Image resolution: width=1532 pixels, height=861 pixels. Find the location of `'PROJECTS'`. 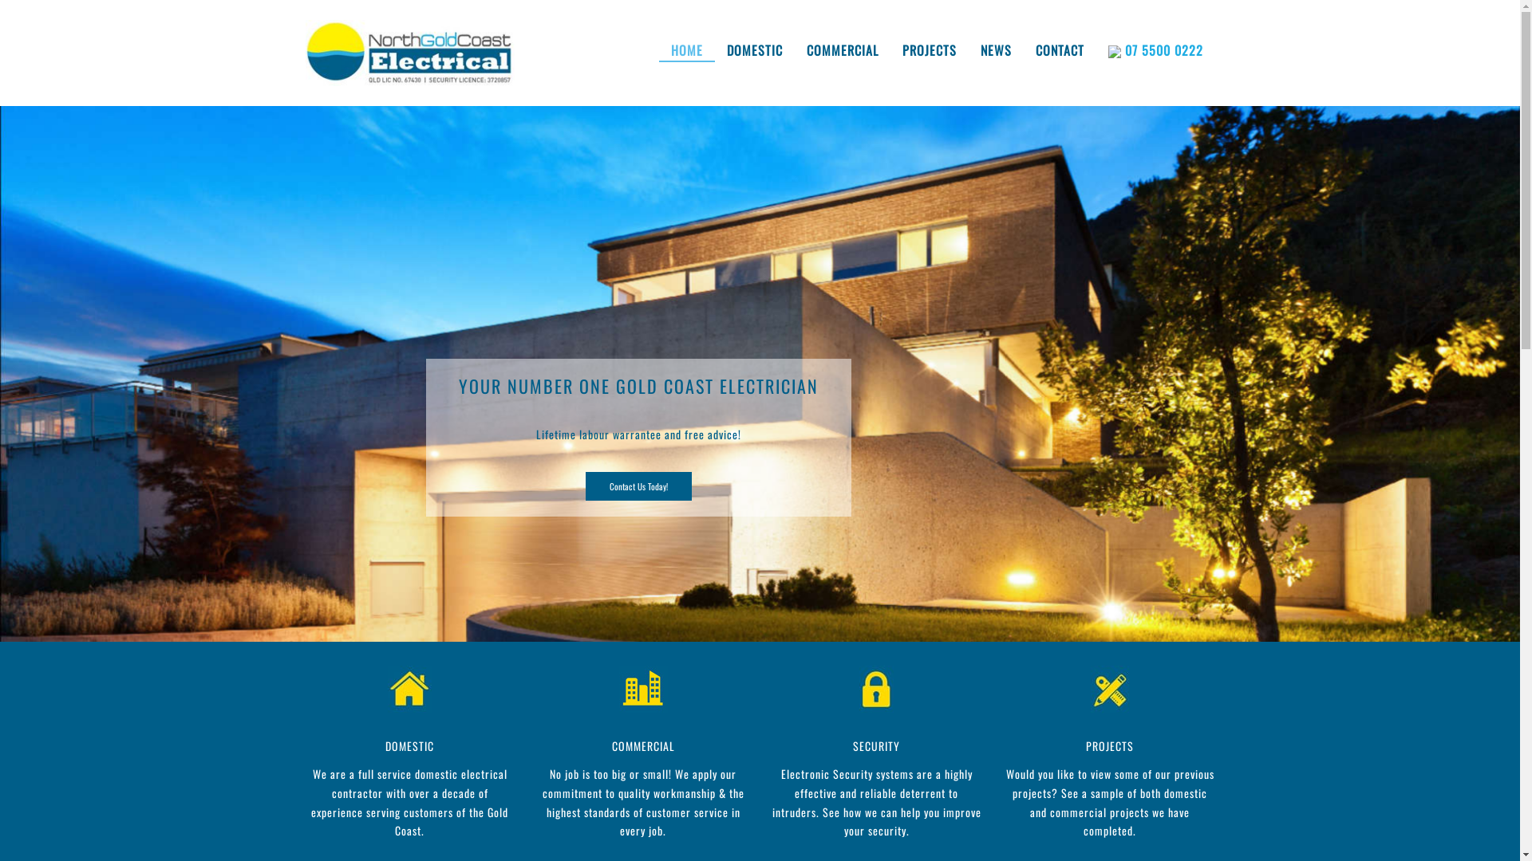

'PROJECTS' is located at coordinates (930, 49).